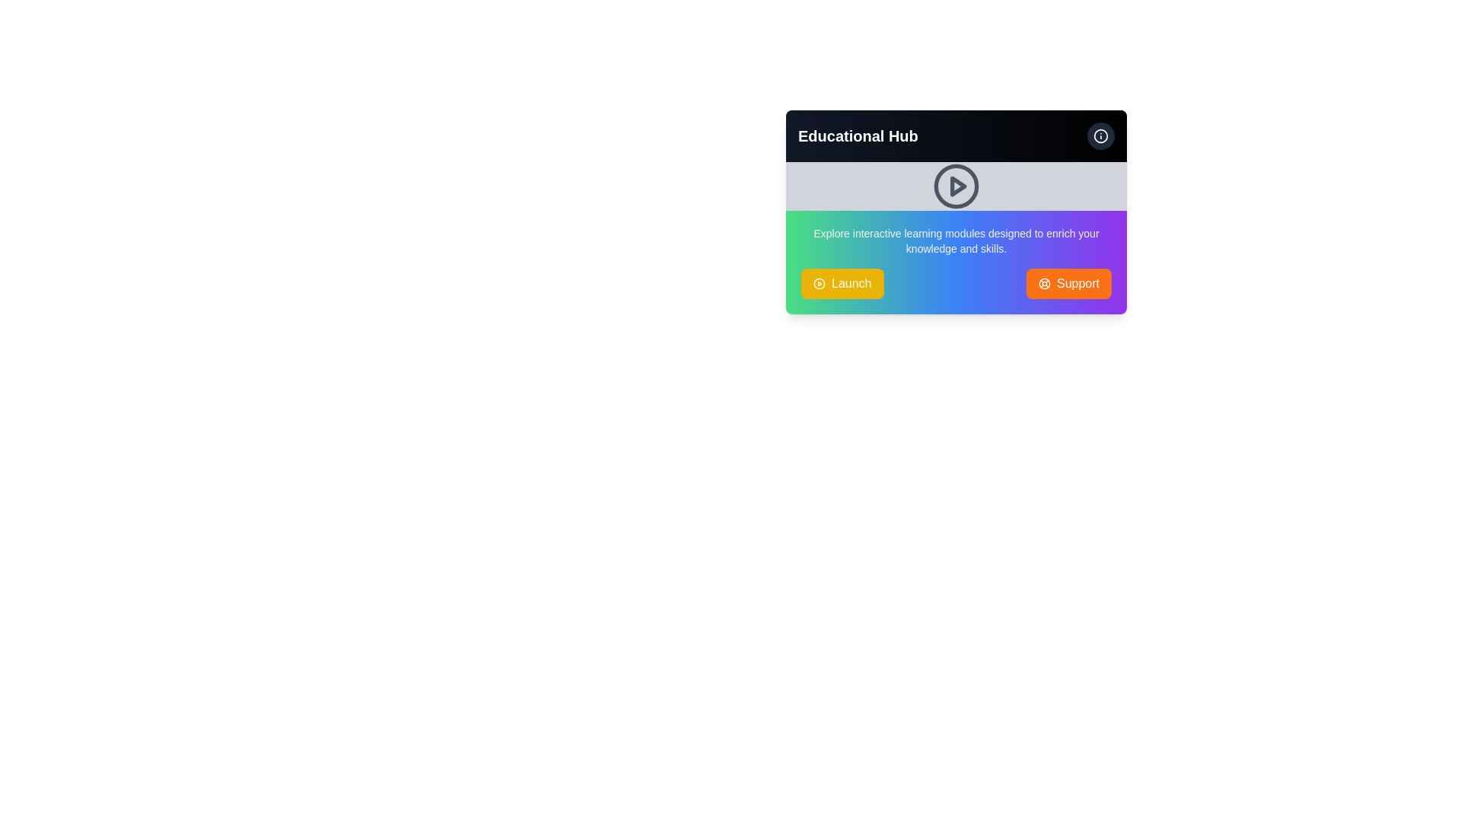  I want to click on the small triangular arrow icon located at the center of the circular region on the Educational Hub panel, so click(957, 186).